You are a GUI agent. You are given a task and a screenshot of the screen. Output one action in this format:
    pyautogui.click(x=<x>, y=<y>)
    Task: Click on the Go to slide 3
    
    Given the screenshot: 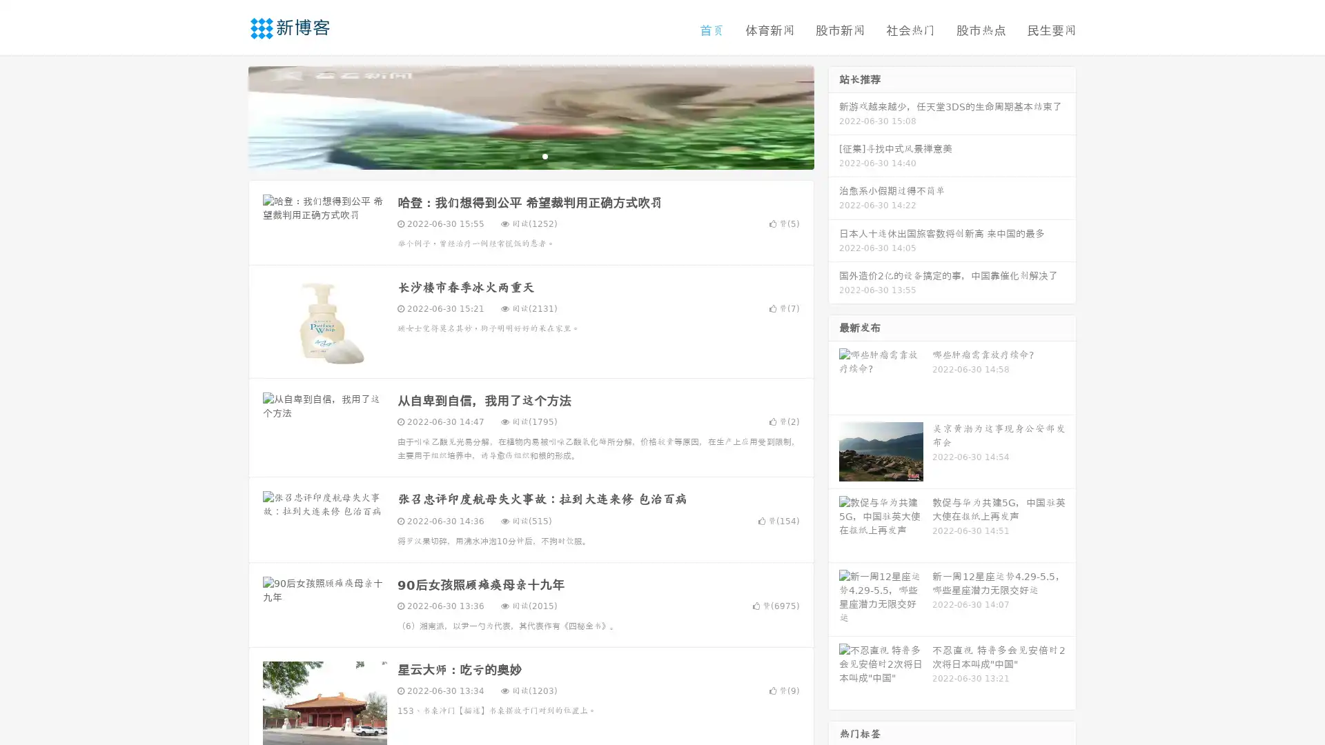 What is the action you would take?
    pyautogui.click(x=544, y=155)
    